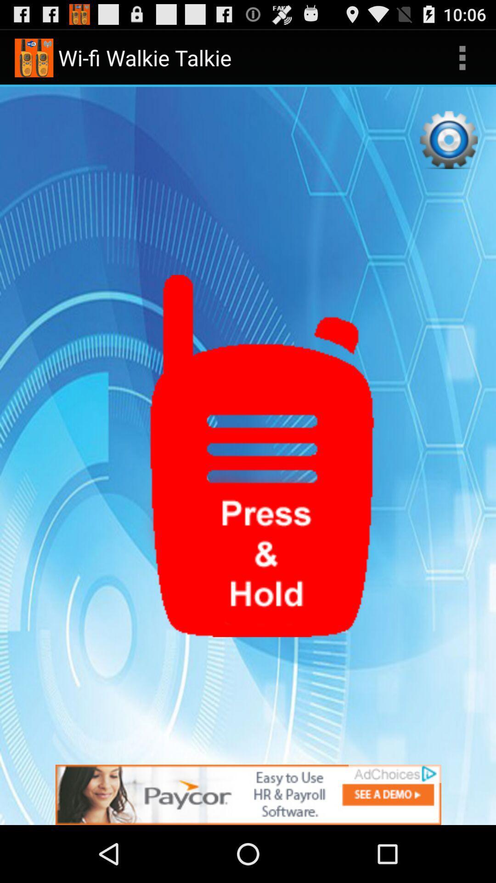 The height and width of the screenshot is (883, 496). Describe the element at coordinates (248, 794) in the screenshot. I see `the picture` at that location.